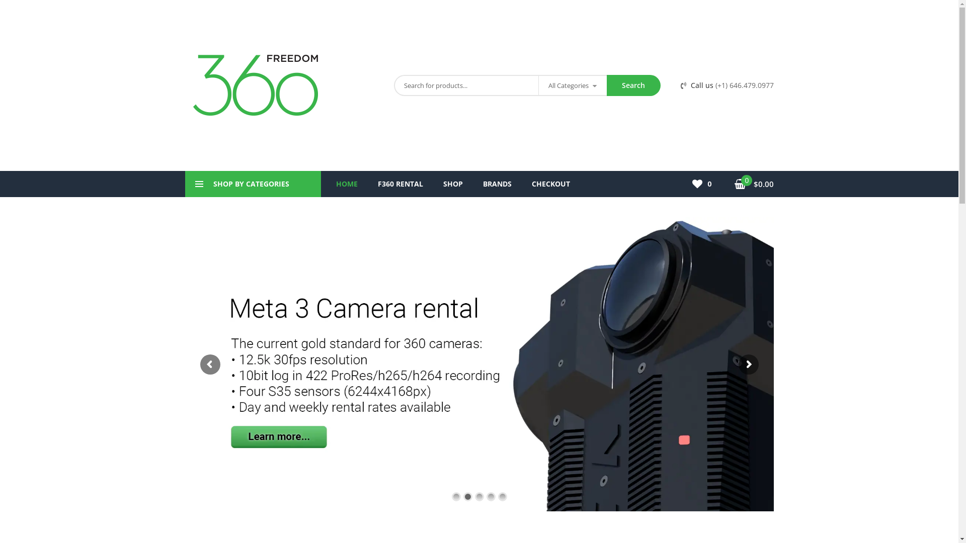 This screenshot has width=966, height=543. I want to click on 'BRANDS', so click(497, 184).